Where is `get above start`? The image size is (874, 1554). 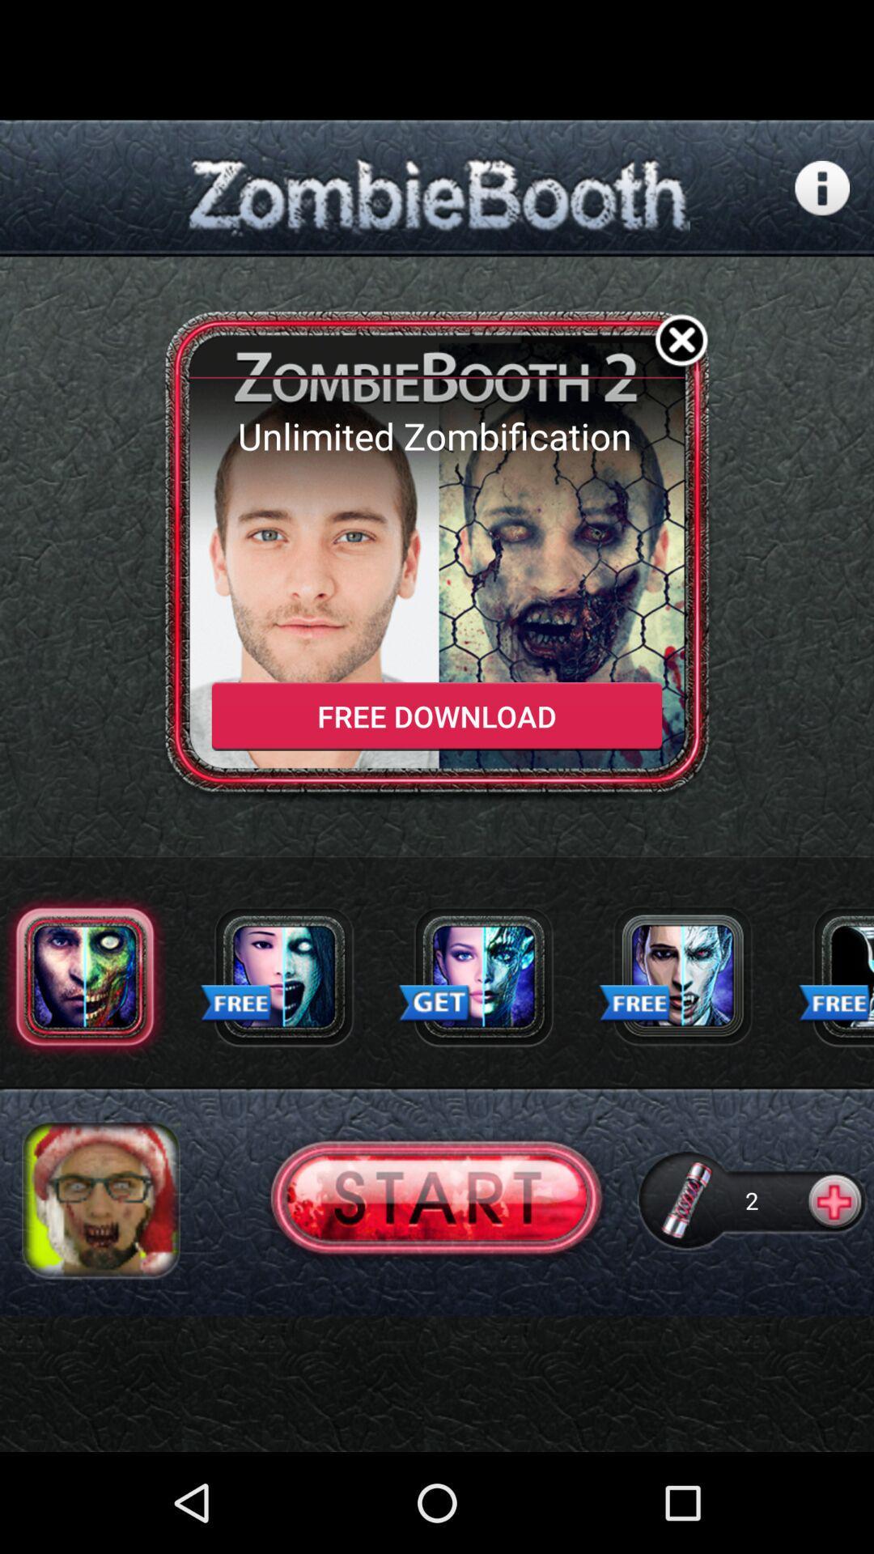
get above start is located at coordinates (435, 1004).